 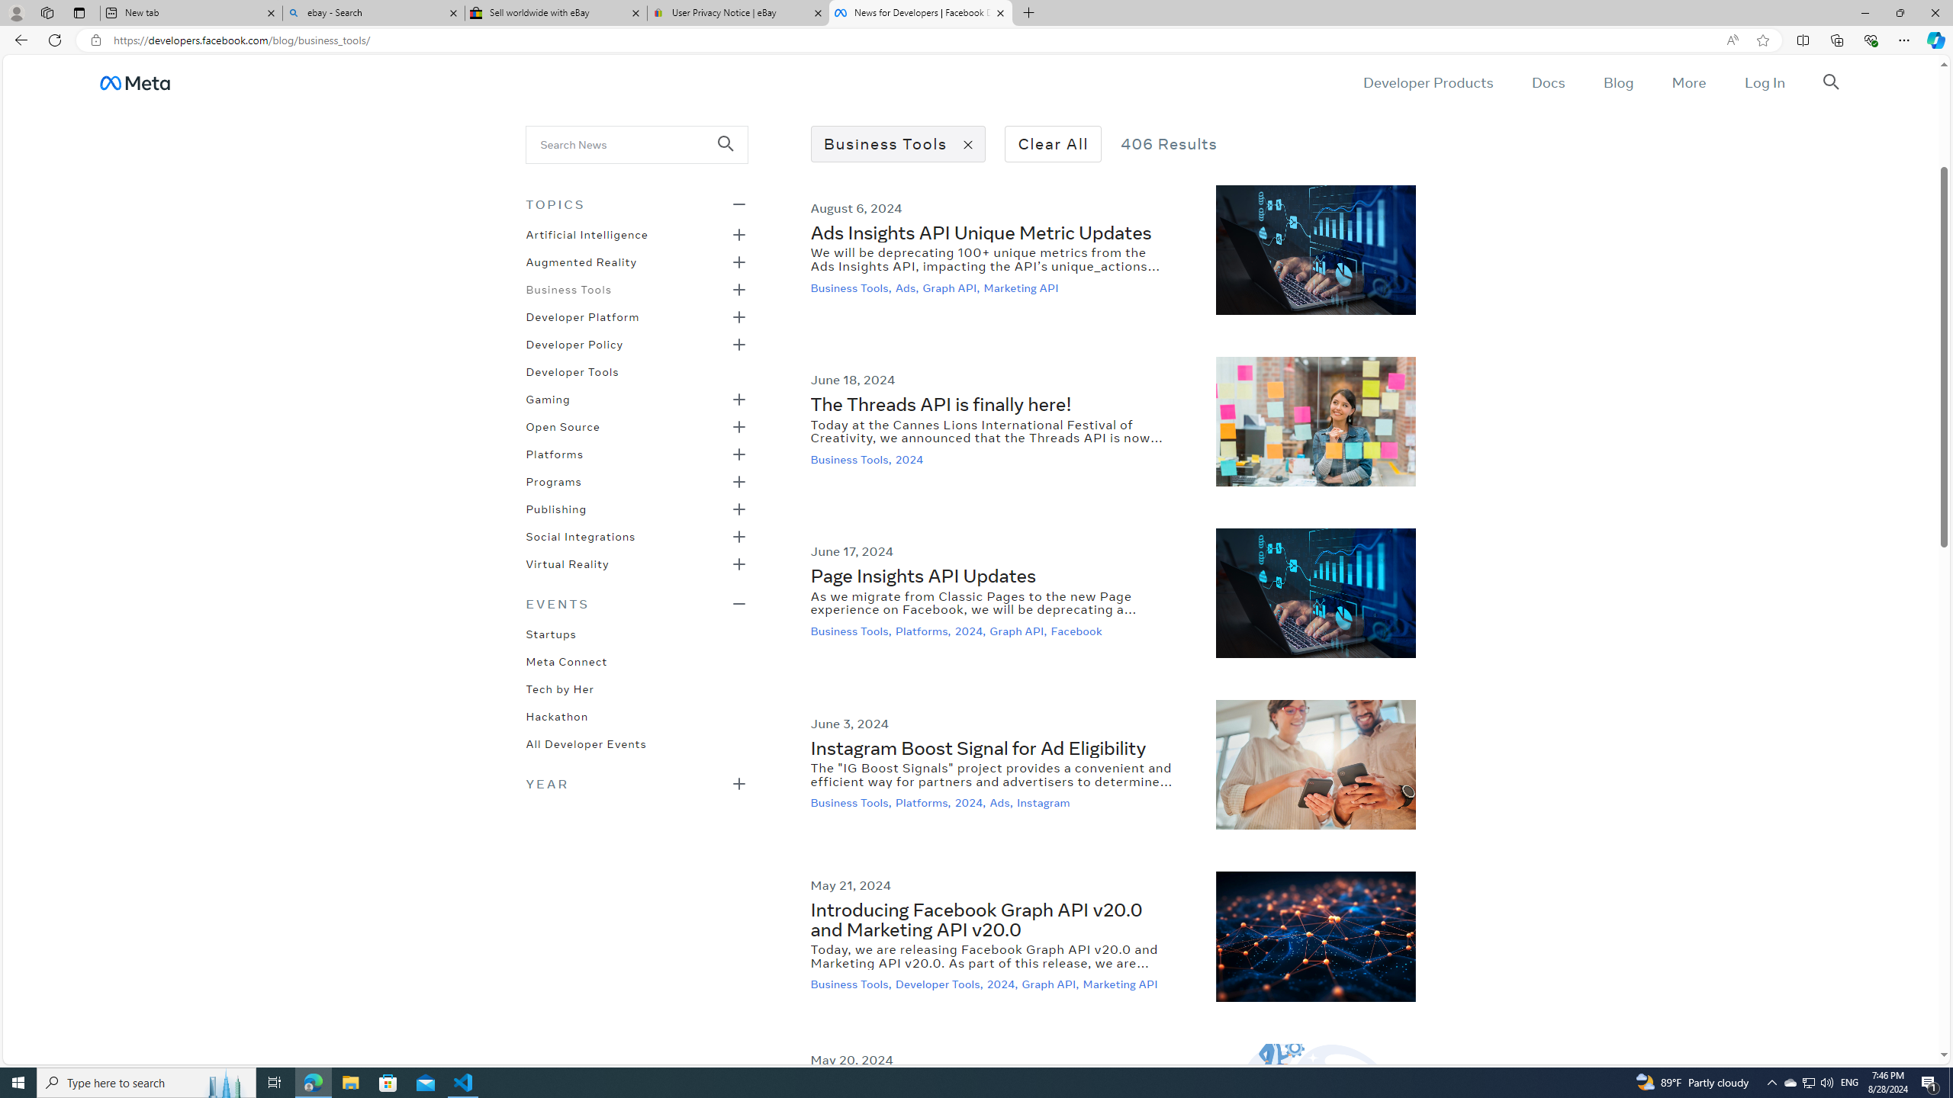 I want to click on 'Augmented Reality', so click(x=581, y=260).